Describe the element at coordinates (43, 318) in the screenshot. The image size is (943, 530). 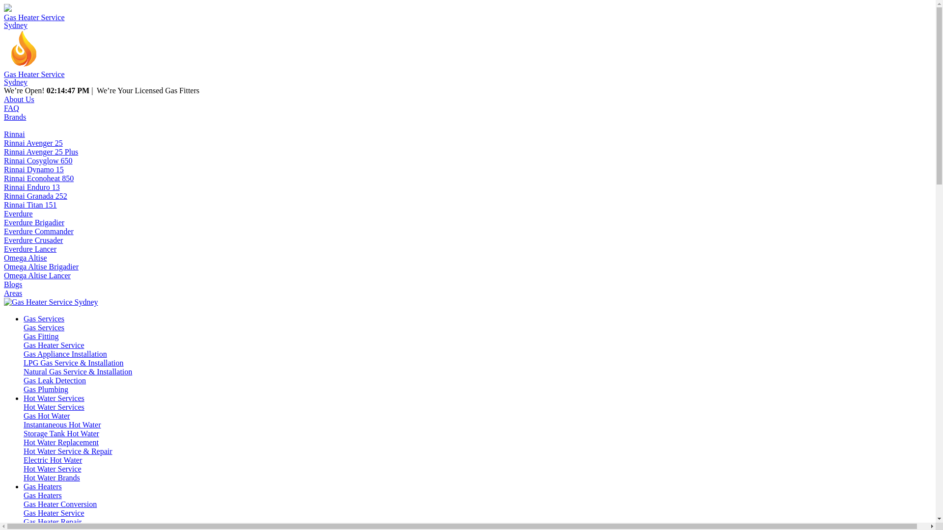
I see `'Gas Services'` at that location.